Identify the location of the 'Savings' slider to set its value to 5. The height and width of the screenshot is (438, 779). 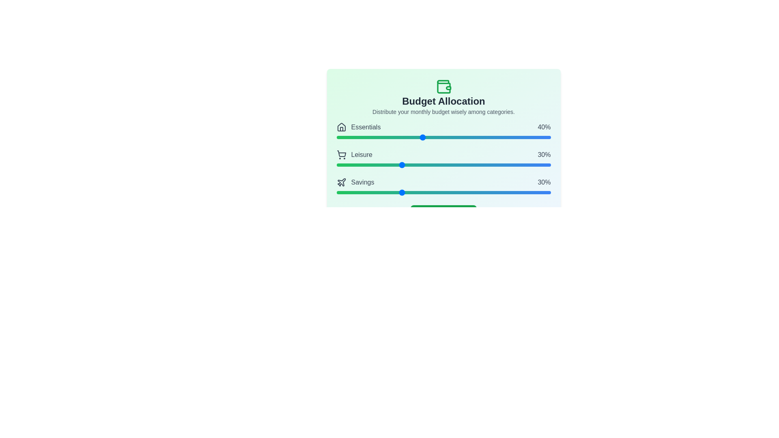
(347, 192).